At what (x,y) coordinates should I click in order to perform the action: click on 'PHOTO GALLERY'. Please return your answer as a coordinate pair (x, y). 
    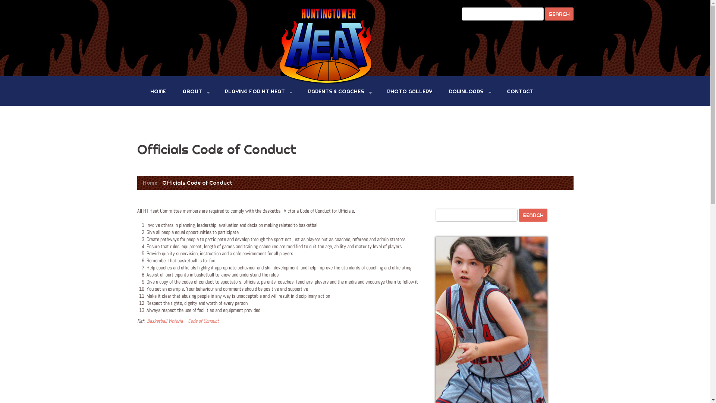
    Looking at the image, I should click on (381, 91).